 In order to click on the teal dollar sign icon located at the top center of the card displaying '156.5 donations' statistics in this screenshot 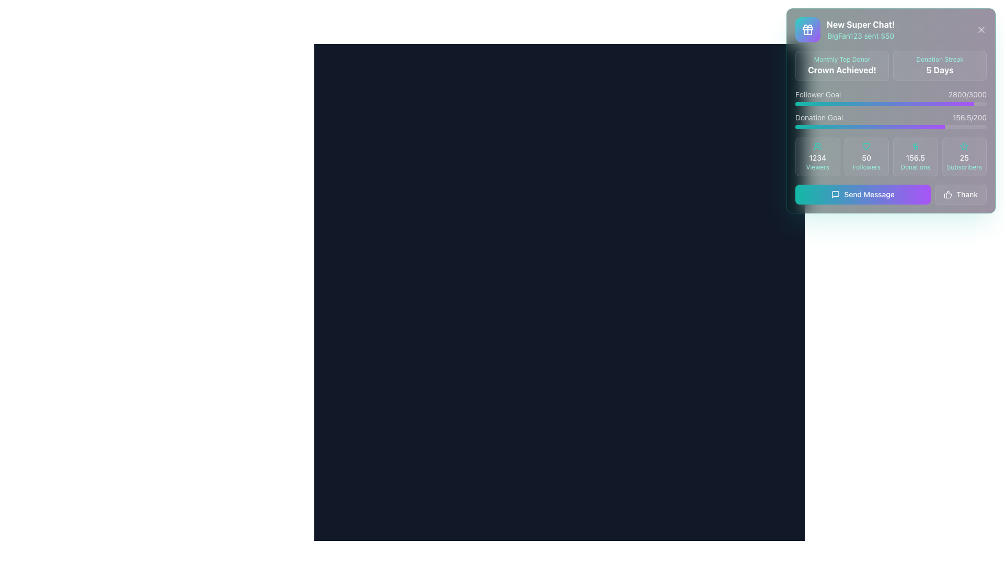, I will do `click(915, 146)`.